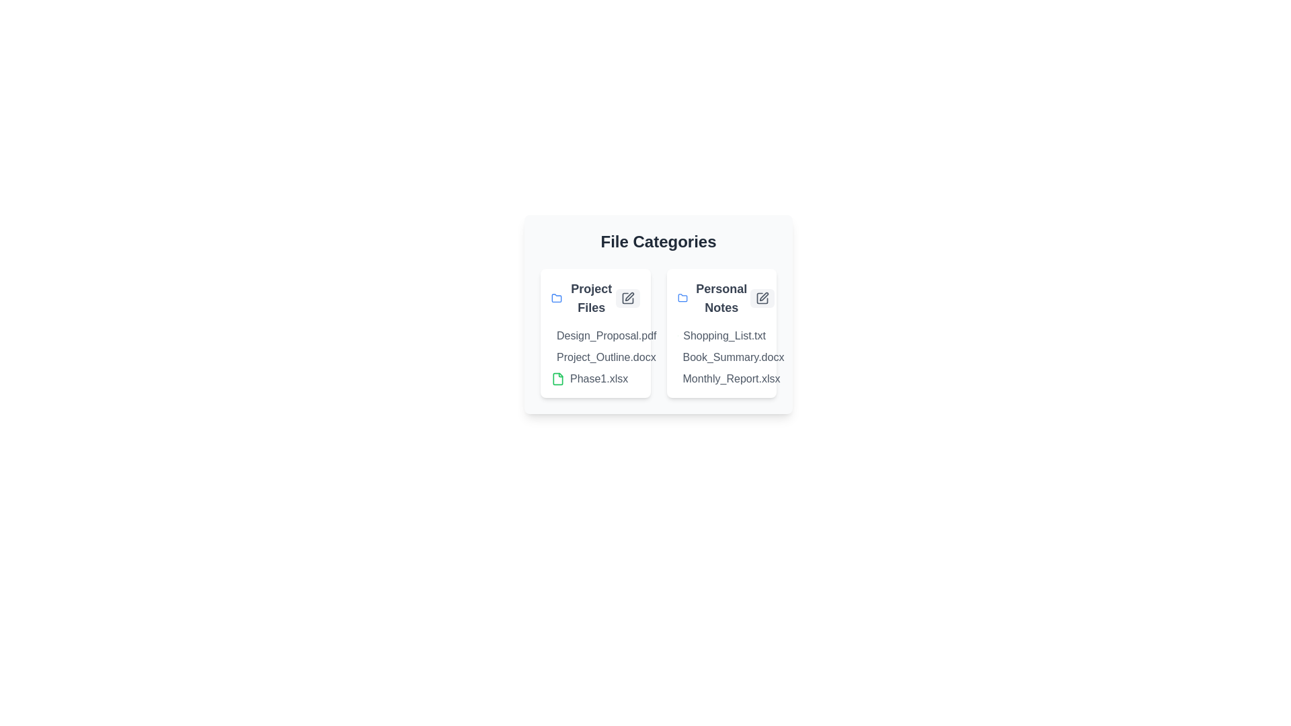 The height and width of the screenshot is (726, 1291). What do you see at coordinates (557, 378) in the screenshot?
I see `the document Phase1.xlsx` at bounding box center [557, 378].